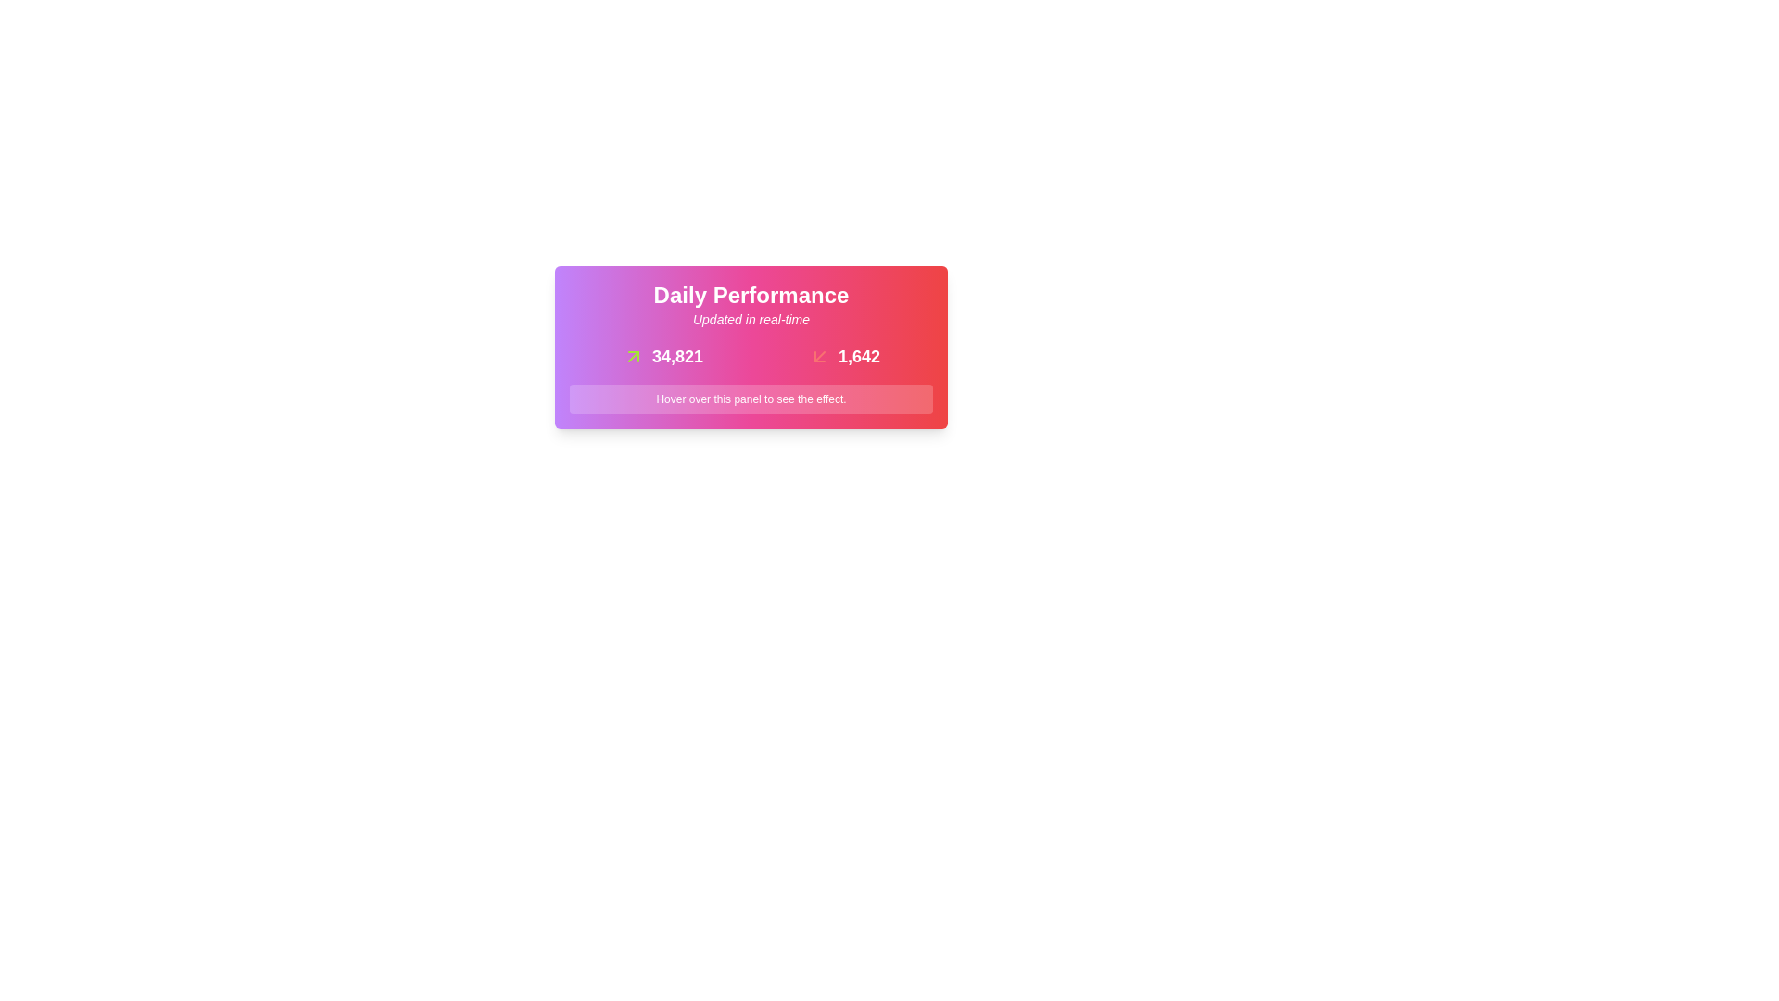 This screenshot has height=1001, width=1779. Describe the element at coordinates (633, 357) in the screenshot. I see `the upward trend icon located` at that location.